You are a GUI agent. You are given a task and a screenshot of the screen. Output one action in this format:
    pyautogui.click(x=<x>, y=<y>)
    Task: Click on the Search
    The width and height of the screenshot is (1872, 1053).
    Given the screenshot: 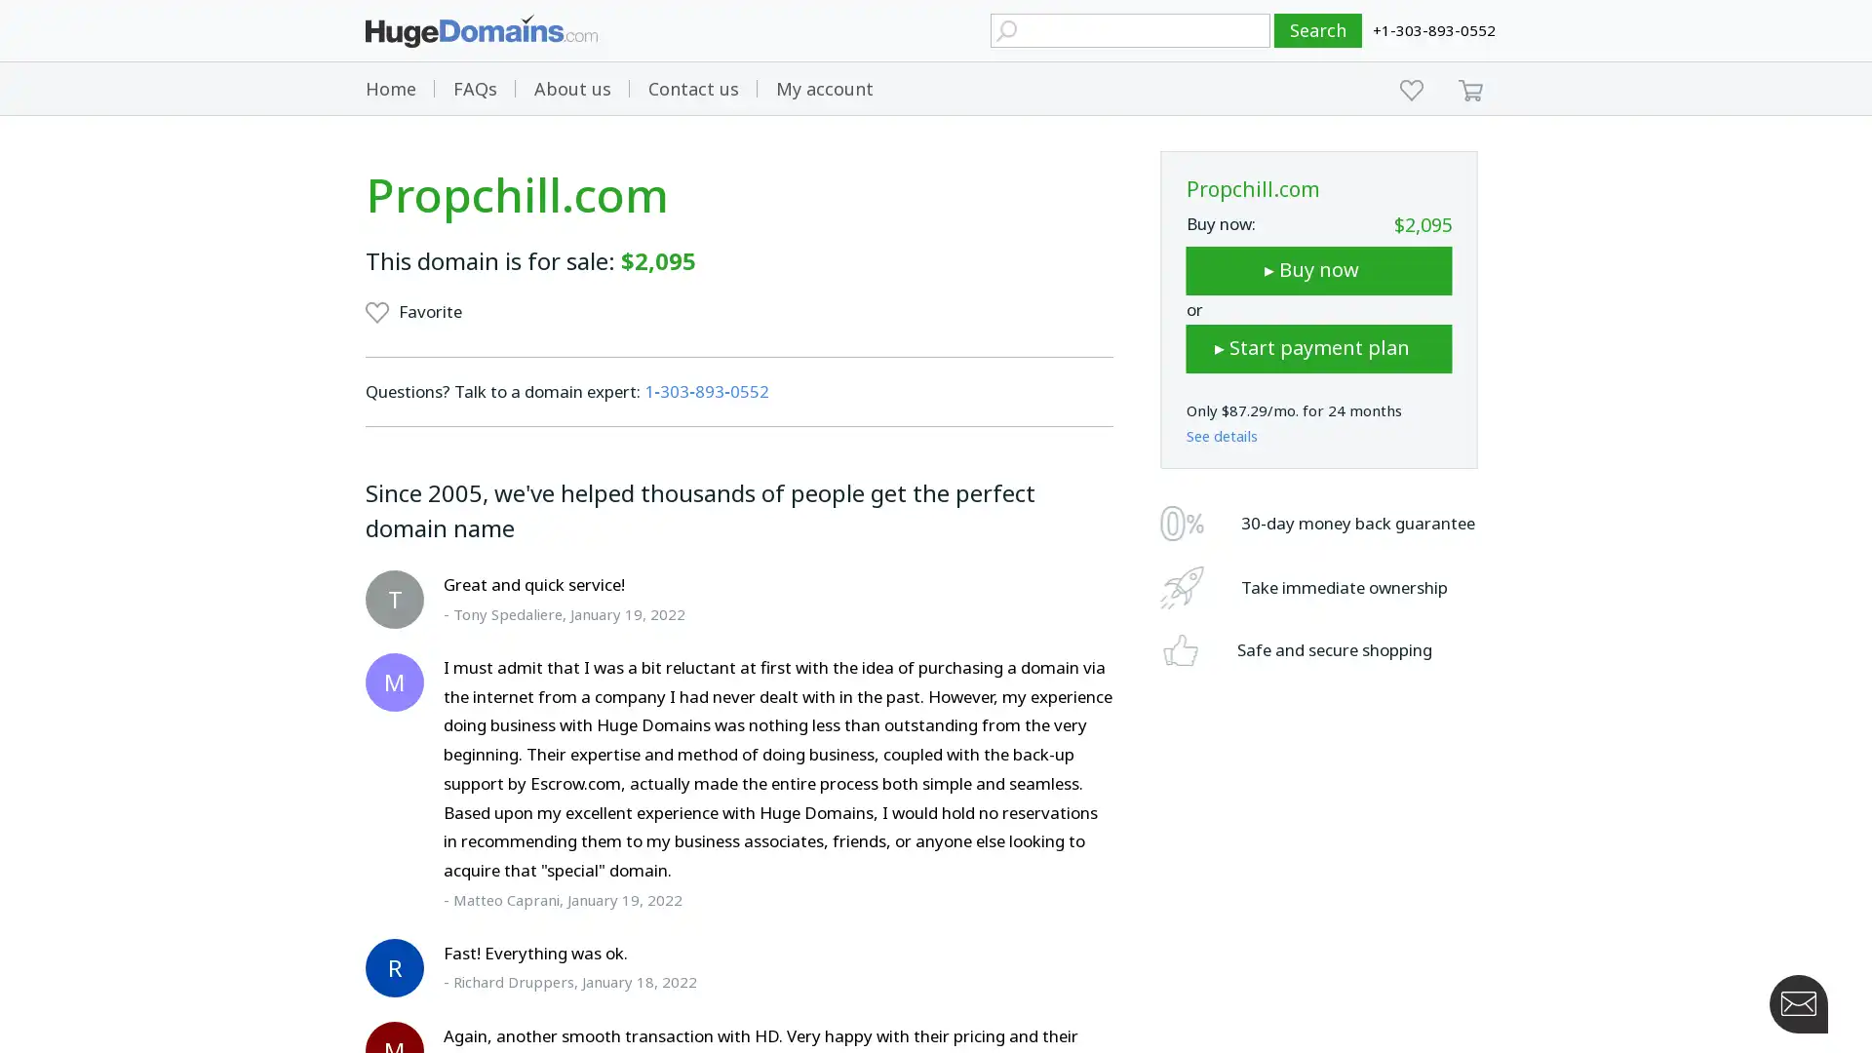 What is the action you would take?
    pyautogui.click(x=1318, y=30)
    